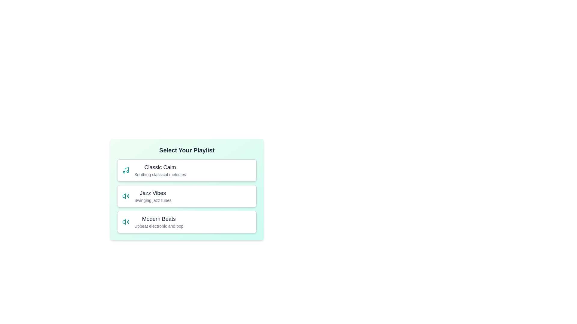 This screenshot has width=577, height=324. Describe the element at coordinates (153, 196) in the screenshot. I see `the 'Jazz Vibes' text block element, which displays 'Jazz Vibes' in bold and 'Swinging jazz tunes' in a smaller font, located in the middle entry of the playlist selection interface` at that location.